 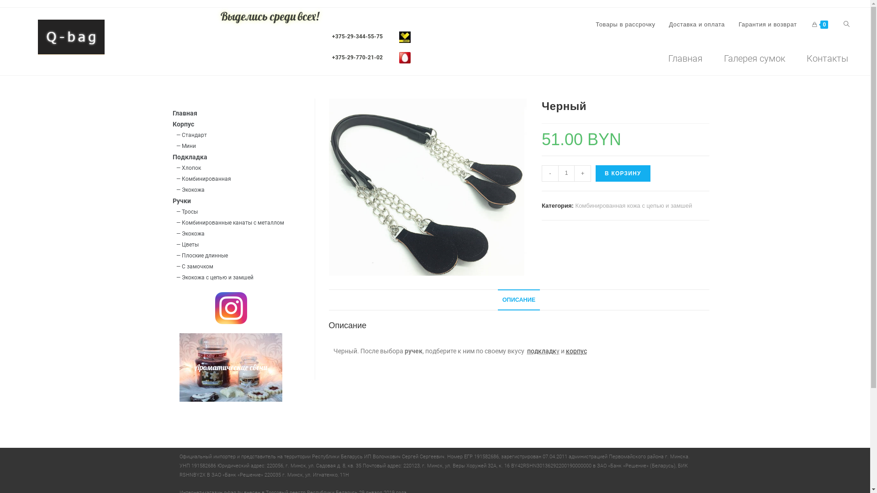 What do you see at coordinates (399, 58) in the screenshot?
I see `'mts-logo'` at bounding box center [399, 58].